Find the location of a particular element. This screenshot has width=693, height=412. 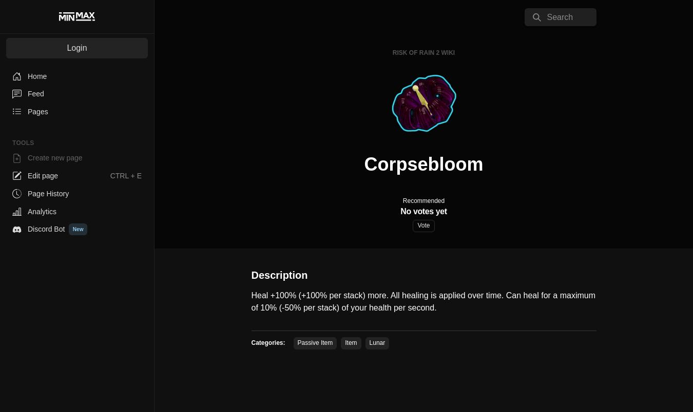

'Wiki' is located at coordinates (447, 52).